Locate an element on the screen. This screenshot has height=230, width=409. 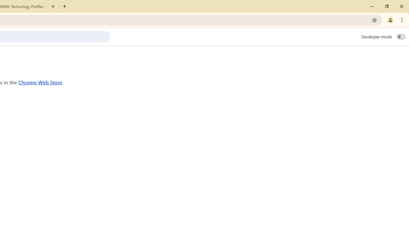
'Chrome Web Store' is located at coordinates (40, 82).